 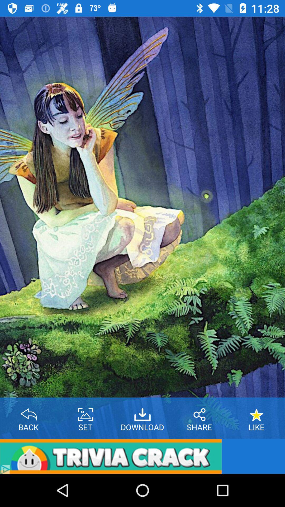 I want to click on advertisement image, so click(x=111, y=456).